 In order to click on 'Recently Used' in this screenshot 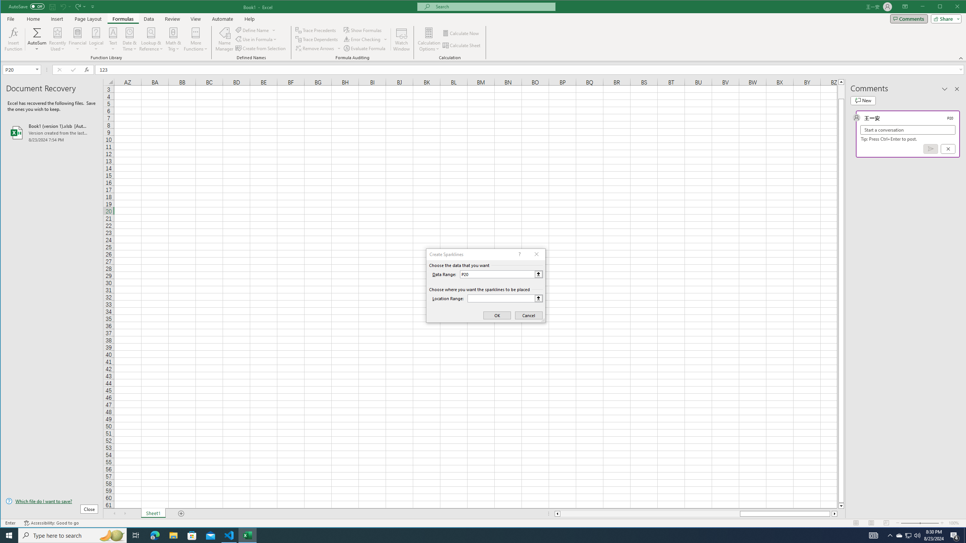, I will do `click(57, 39)`.